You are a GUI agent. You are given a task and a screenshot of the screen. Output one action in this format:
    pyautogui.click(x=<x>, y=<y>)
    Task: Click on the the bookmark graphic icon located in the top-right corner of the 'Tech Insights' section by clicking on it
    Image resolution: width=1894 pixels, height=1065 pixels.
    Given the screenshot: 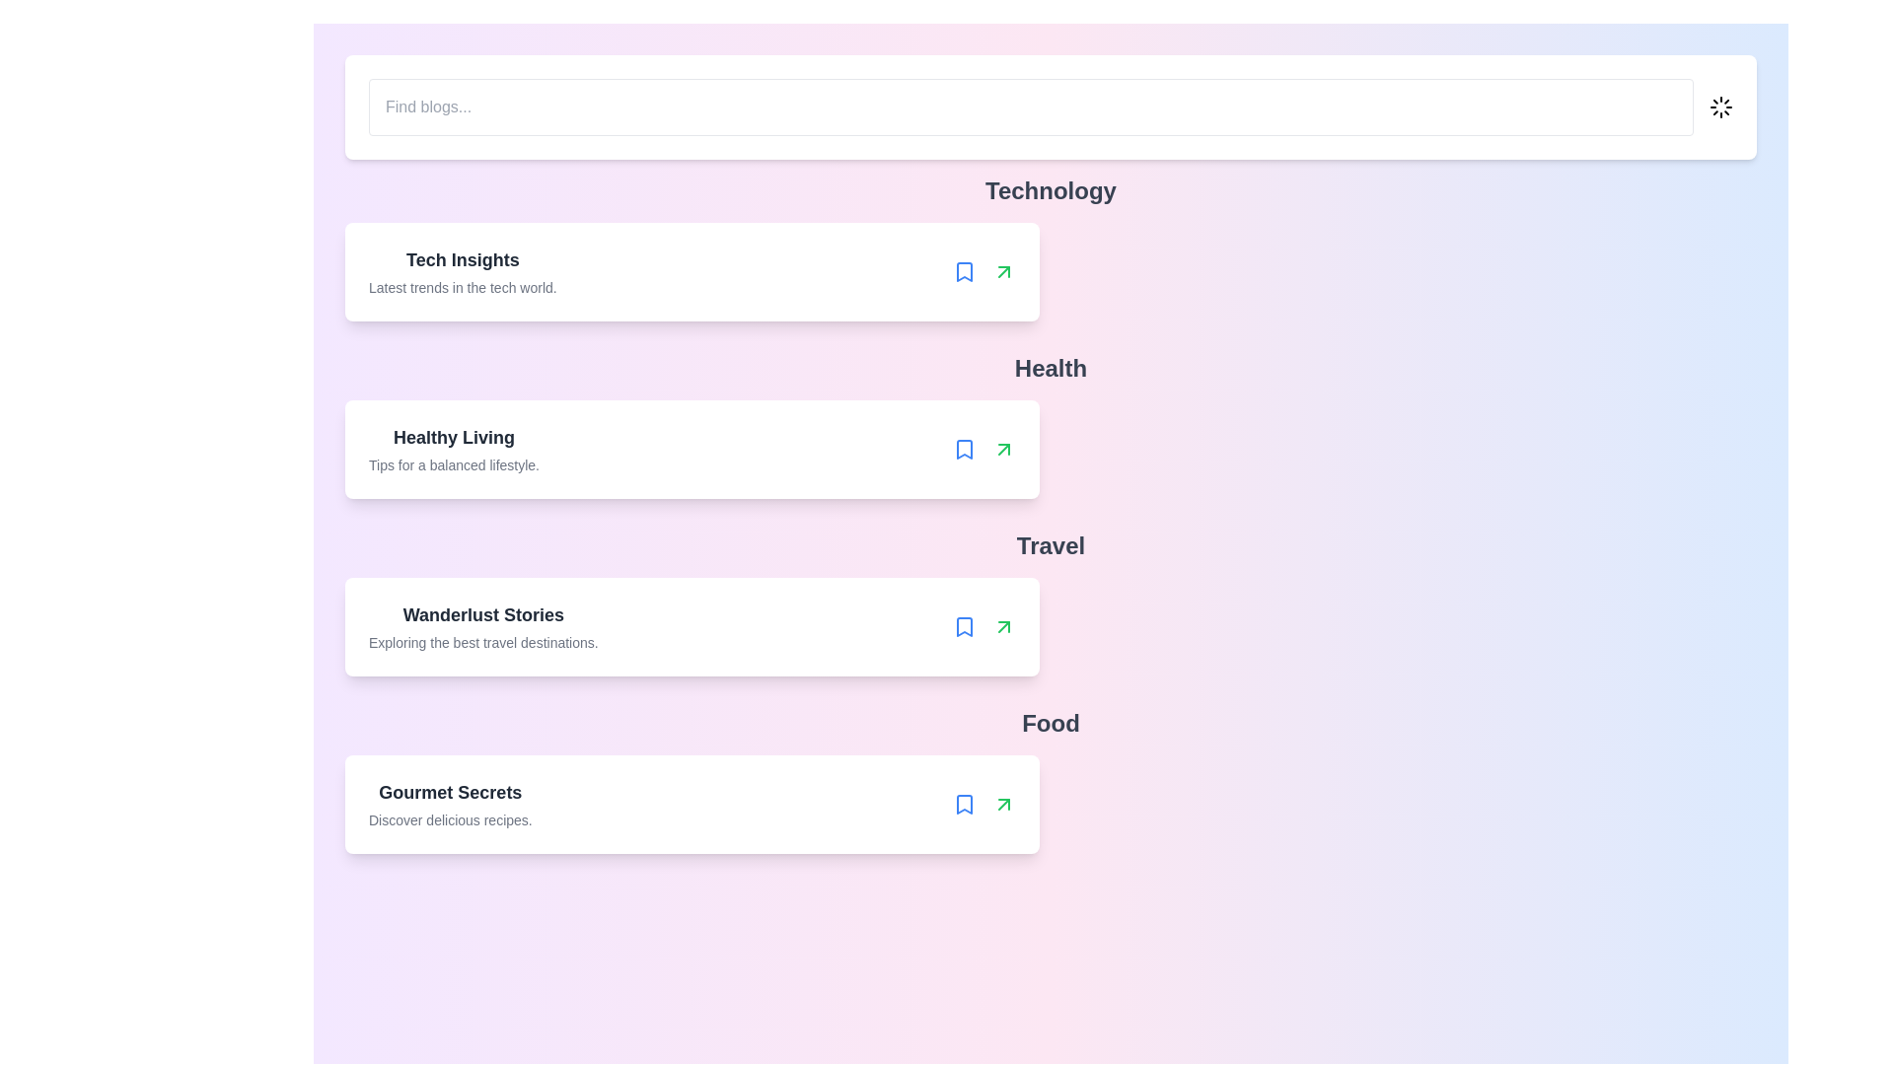 What is the action you would take?
    pyautogui.click(x=964, y=272)
    